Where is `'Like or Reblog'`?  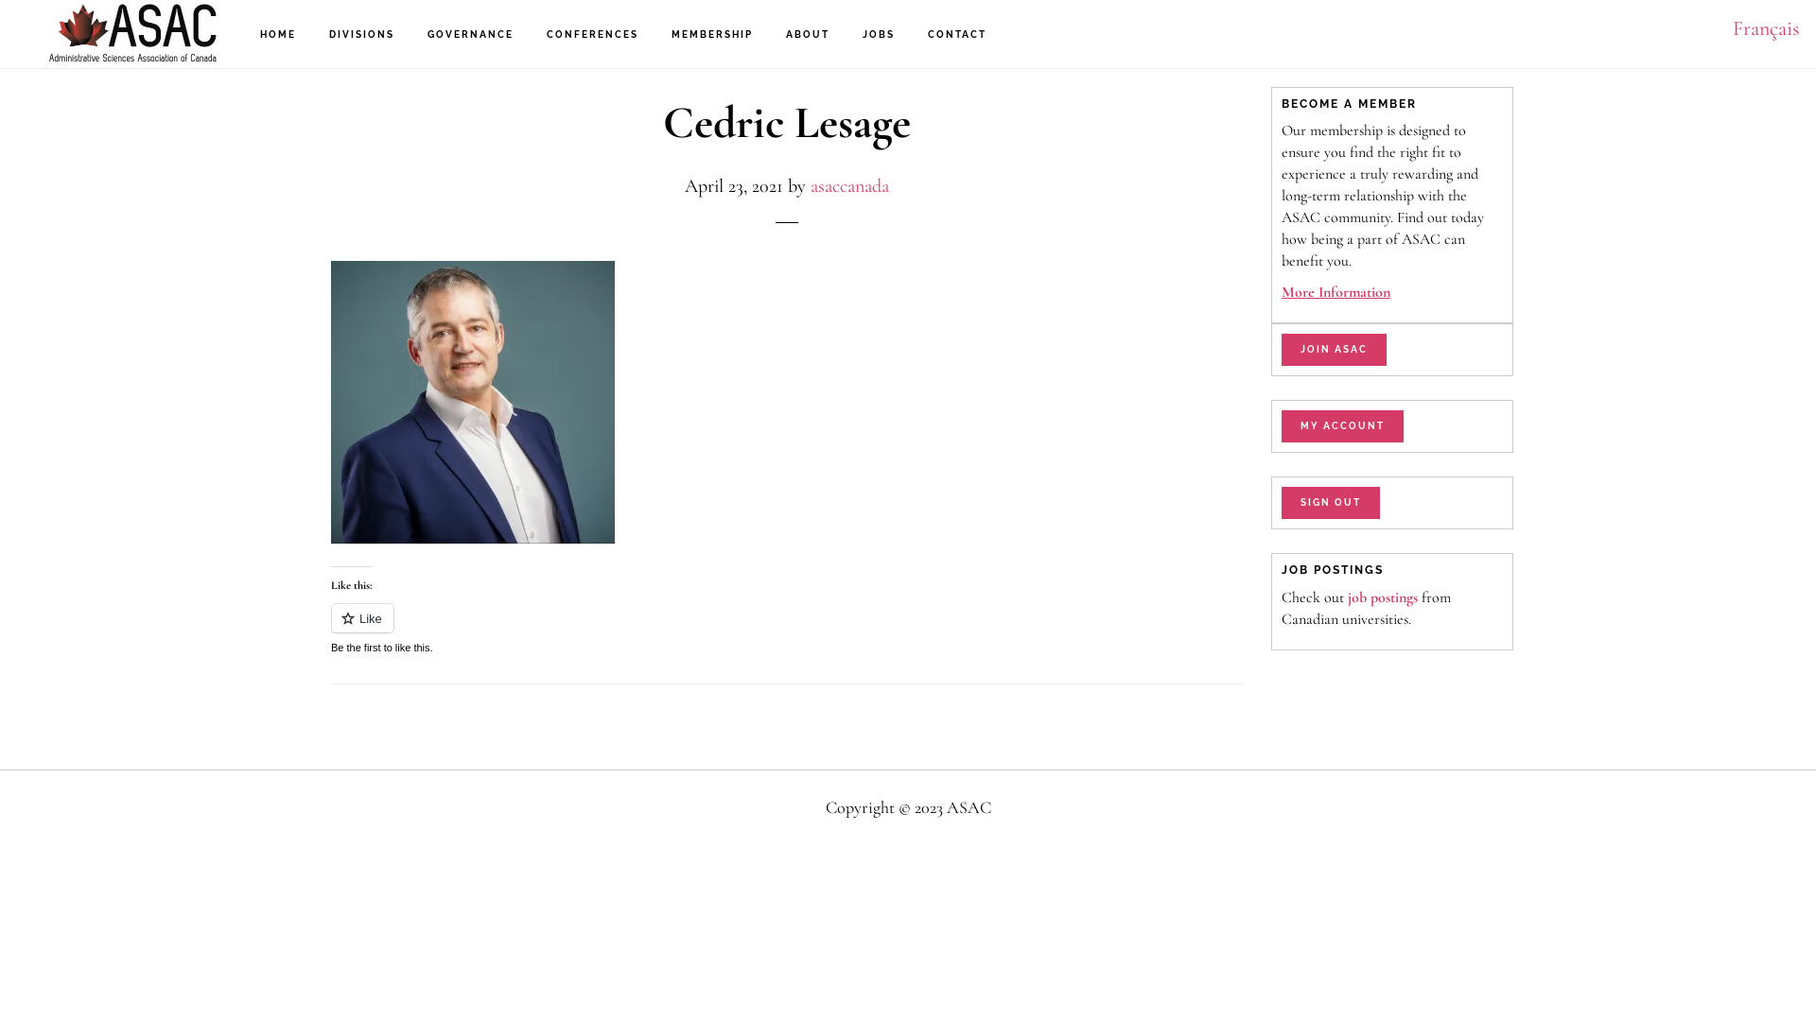
'Like or Reblog' is located at coordinates (786, 629).